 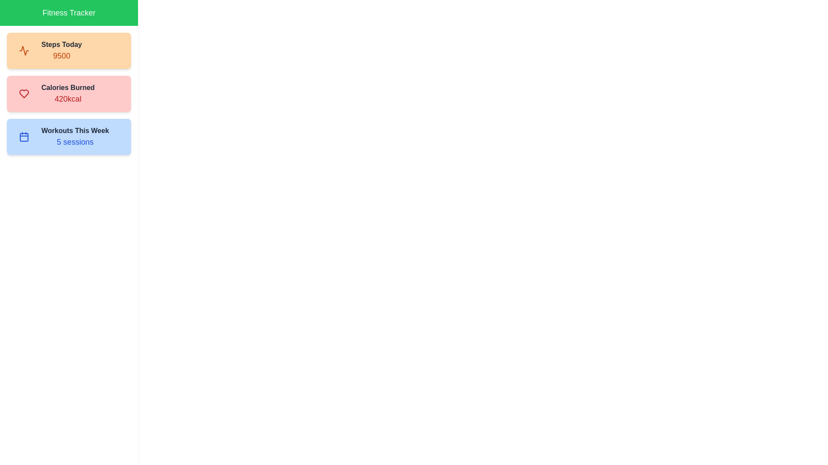 I want to click on toggle button at the top-left corner of the screen to toggle the drawer's visibility, so click(x=17, y=17).